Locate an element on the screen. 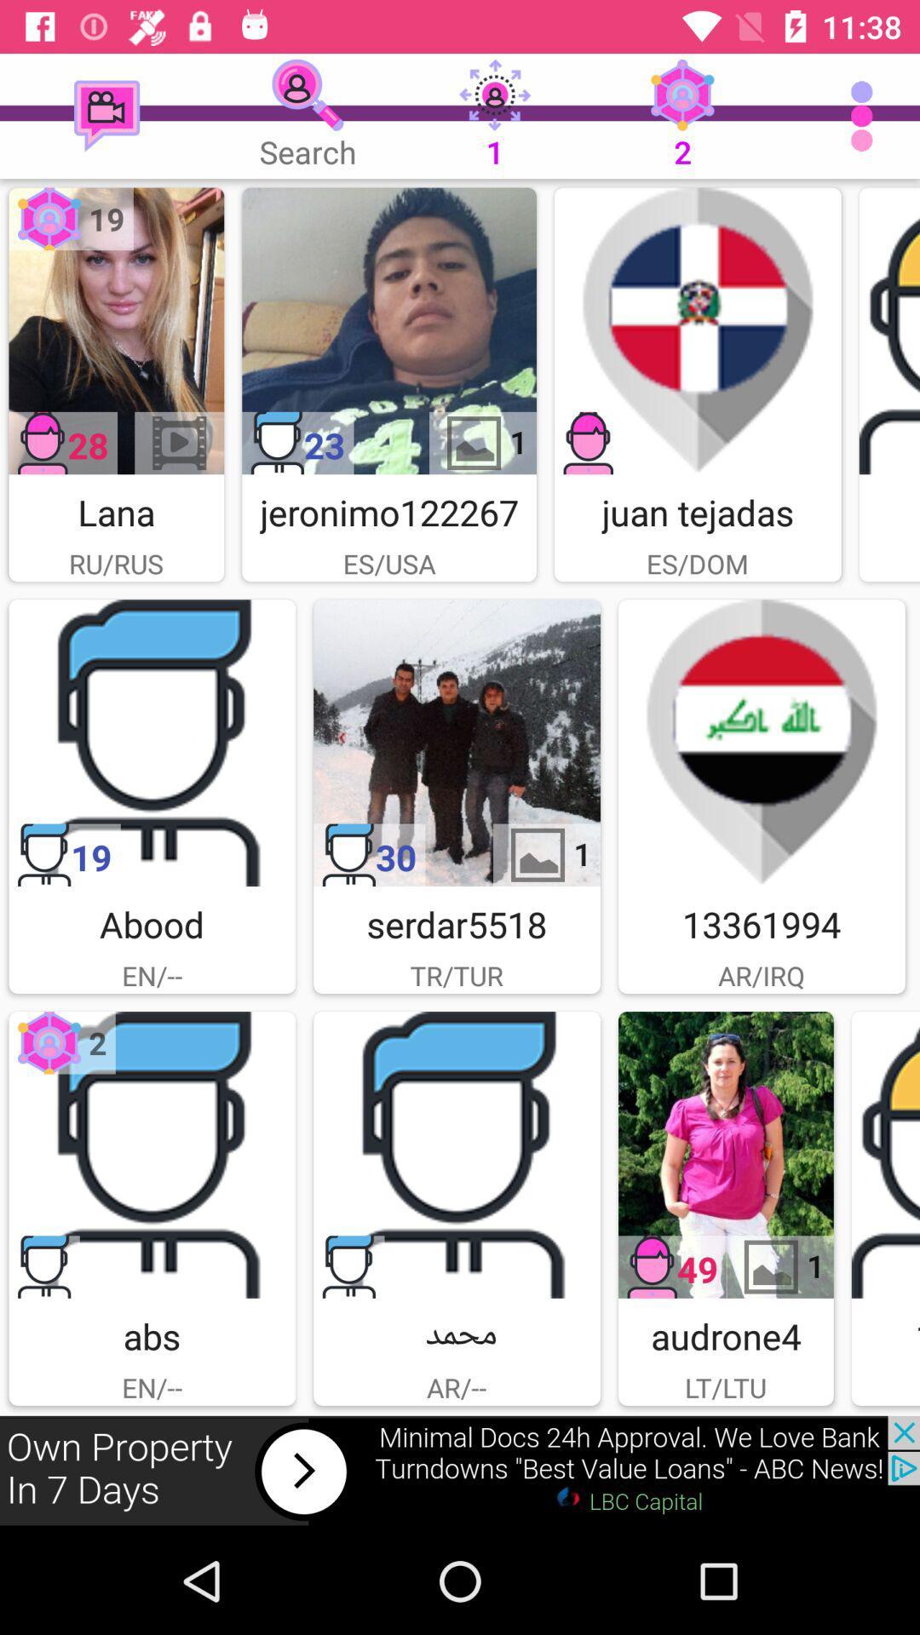 This screenshot has width=920, height=1635. profile photo is located at coordinates (115, 330).